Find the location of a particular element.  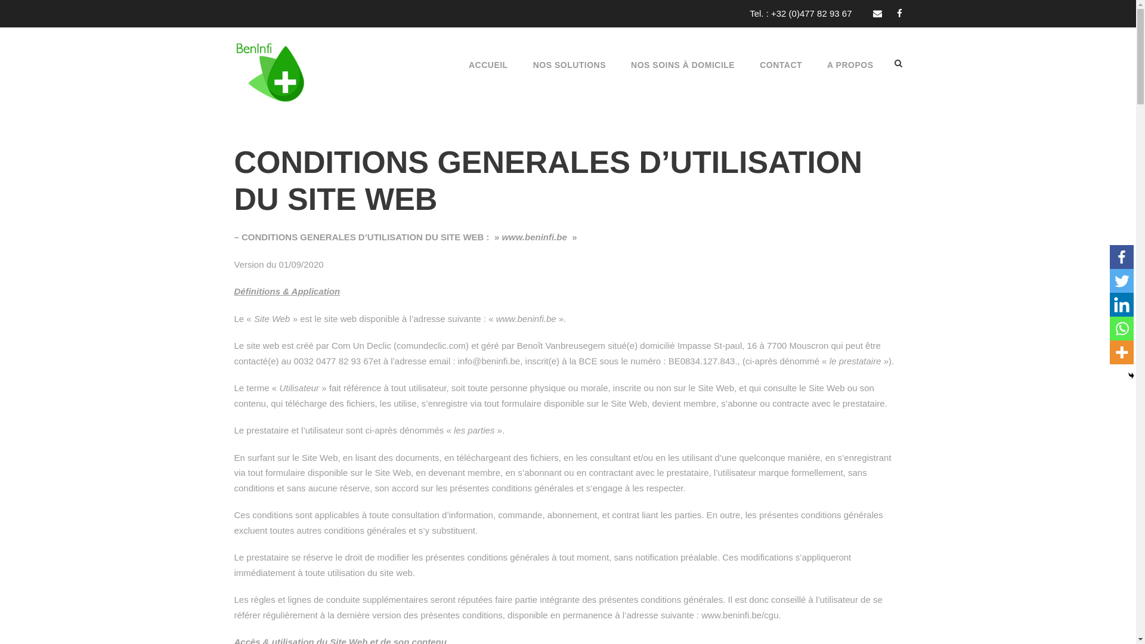

'CONTACT' is located at coordinates (781, 79).